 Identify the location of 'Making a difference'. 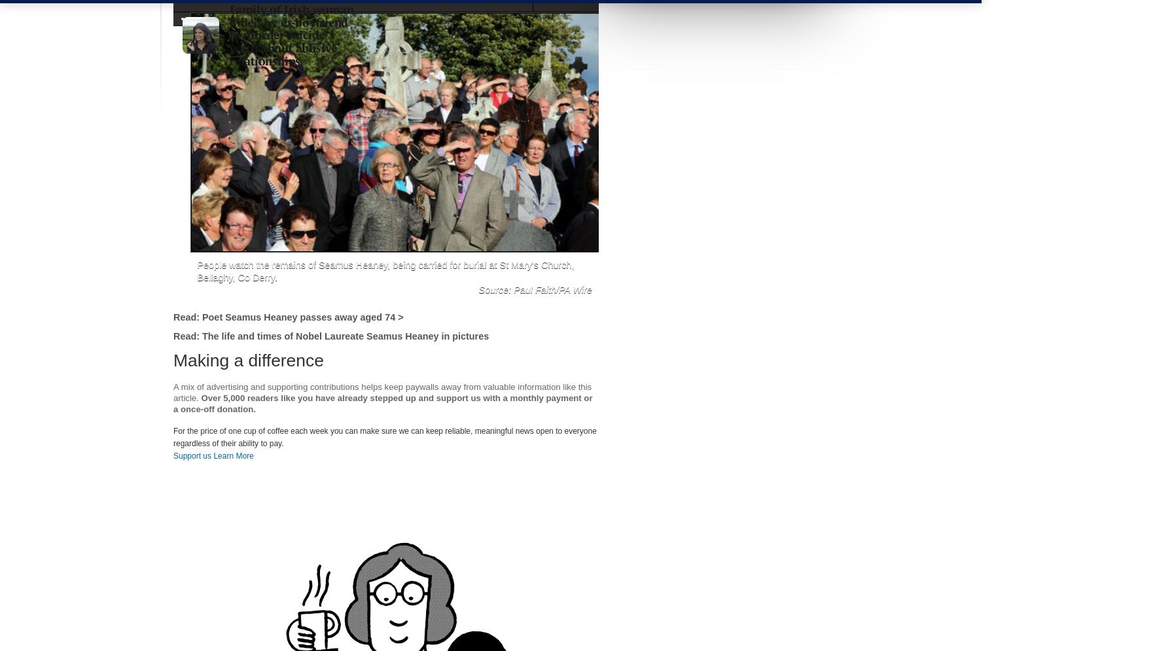
(247, 361).